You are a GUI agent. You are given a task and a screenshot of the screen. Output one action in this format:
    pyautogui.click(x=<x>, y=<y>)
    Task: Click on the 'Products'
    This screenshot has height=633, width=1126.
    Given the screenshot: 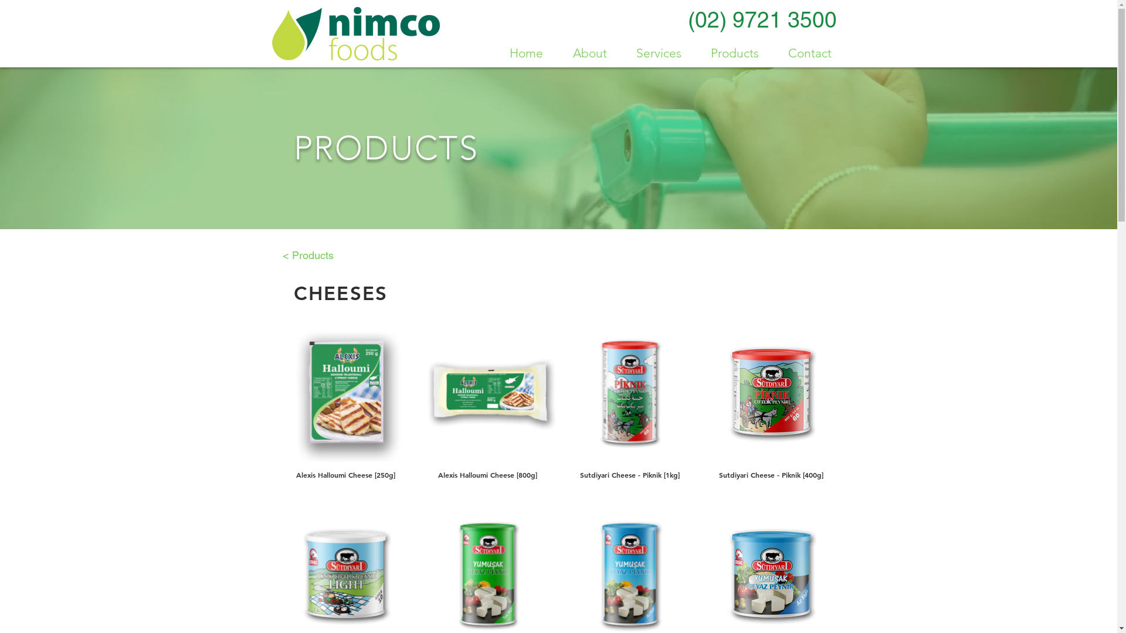 What is the action you would take?
    pyautogui.click(x=695, y=53)
    